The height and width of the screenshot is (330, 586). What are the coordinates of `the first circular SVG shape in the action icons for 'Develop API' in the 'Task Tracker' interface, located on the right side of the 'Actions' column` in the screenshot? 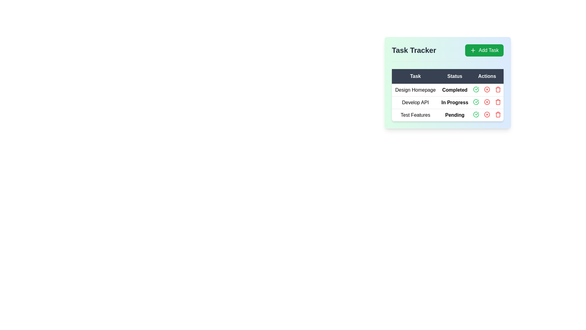 It's located at (487, 90).